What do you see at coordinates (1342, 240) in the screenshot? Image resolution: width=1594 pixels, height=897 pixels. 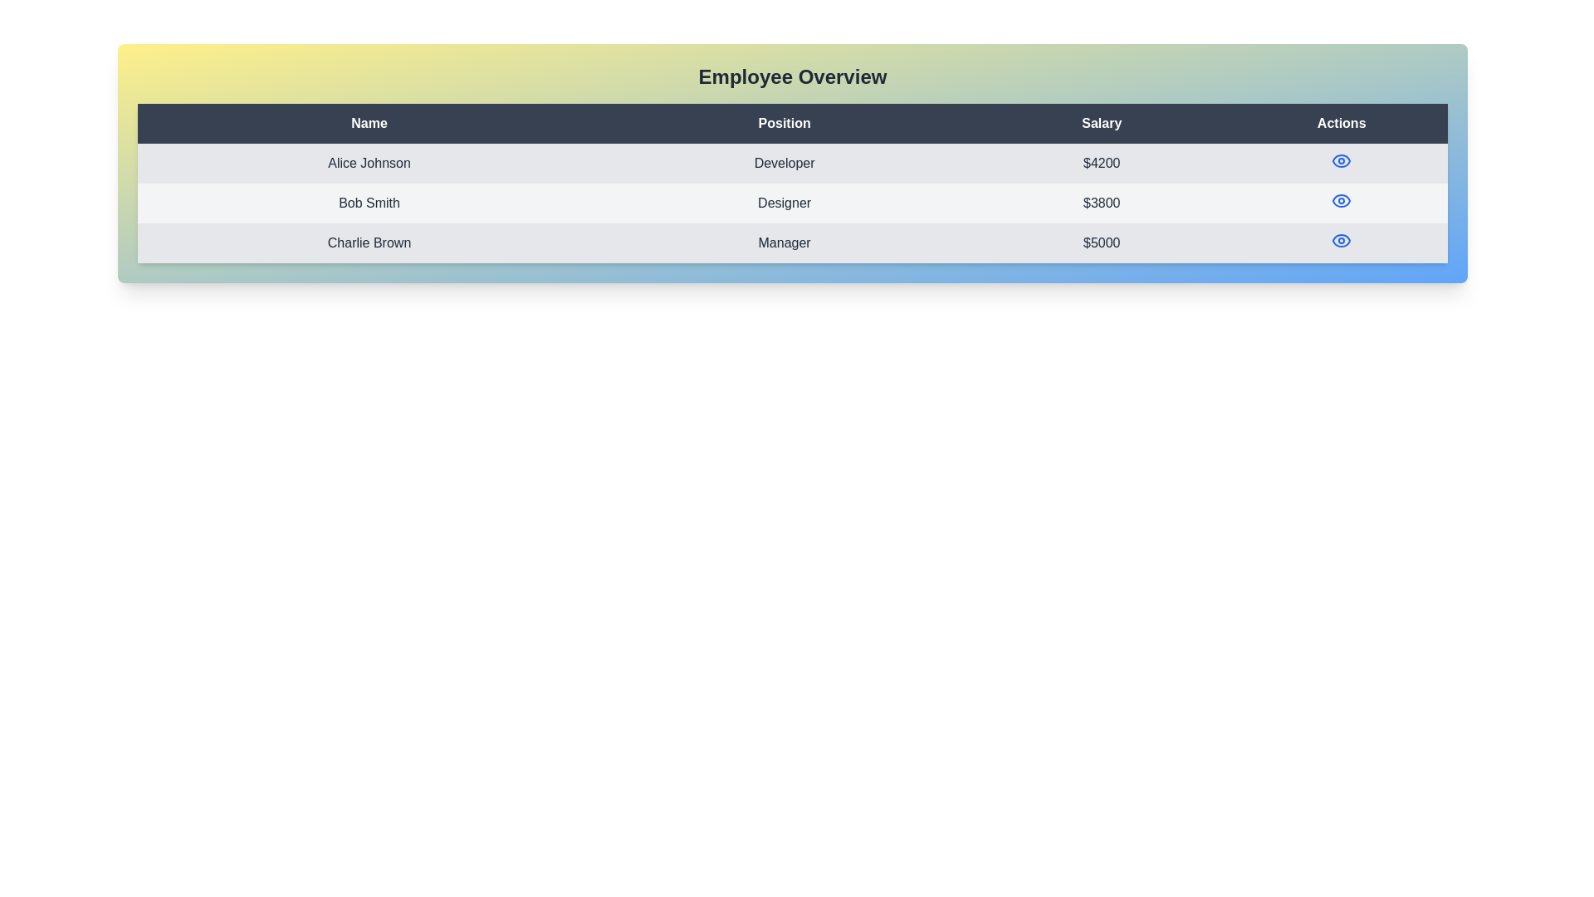 I see `the button in the 'Actions' column of the last row` at bounding box center [1342, 240].